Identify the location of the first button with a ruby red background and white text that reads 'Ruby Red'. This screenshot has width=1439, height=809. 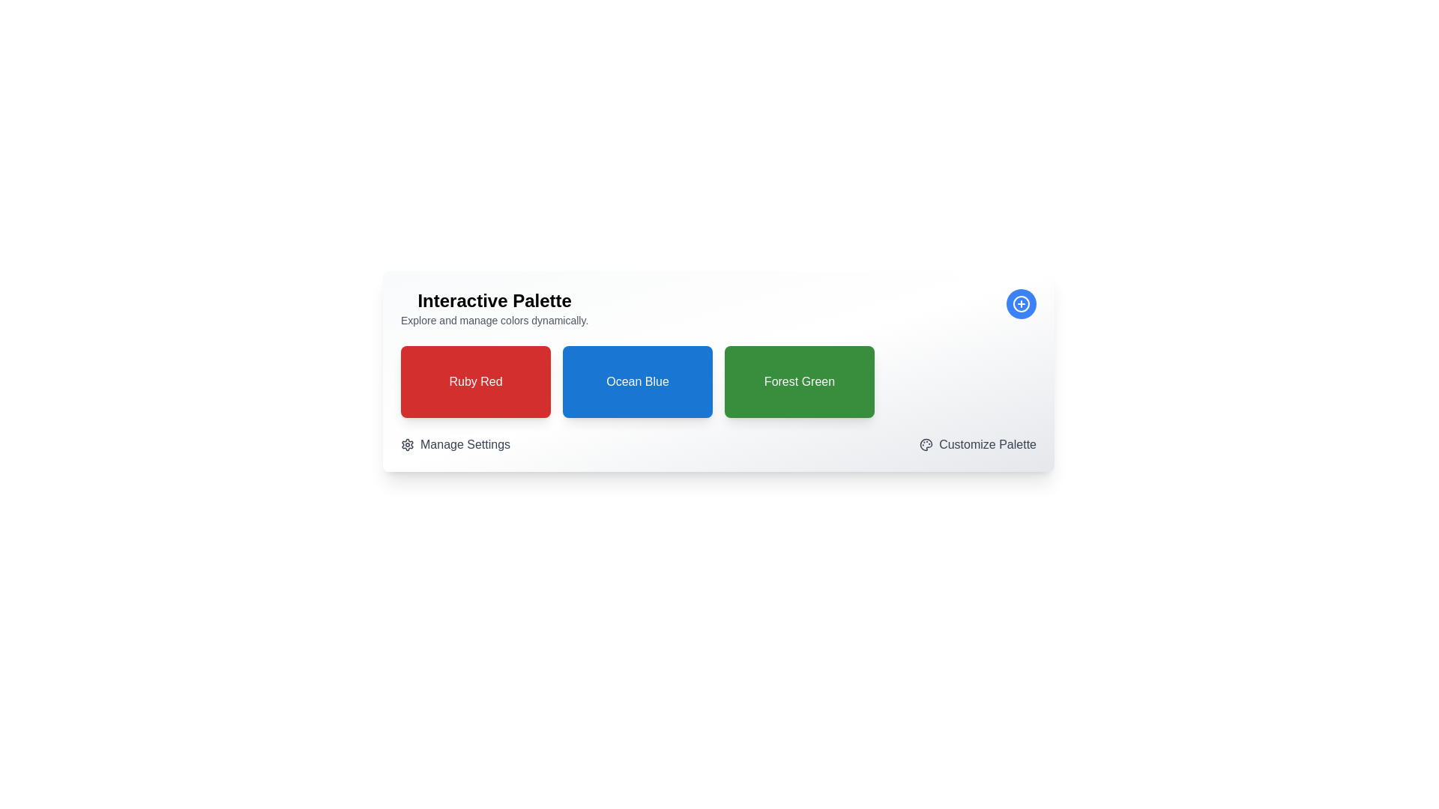
(474, 381).